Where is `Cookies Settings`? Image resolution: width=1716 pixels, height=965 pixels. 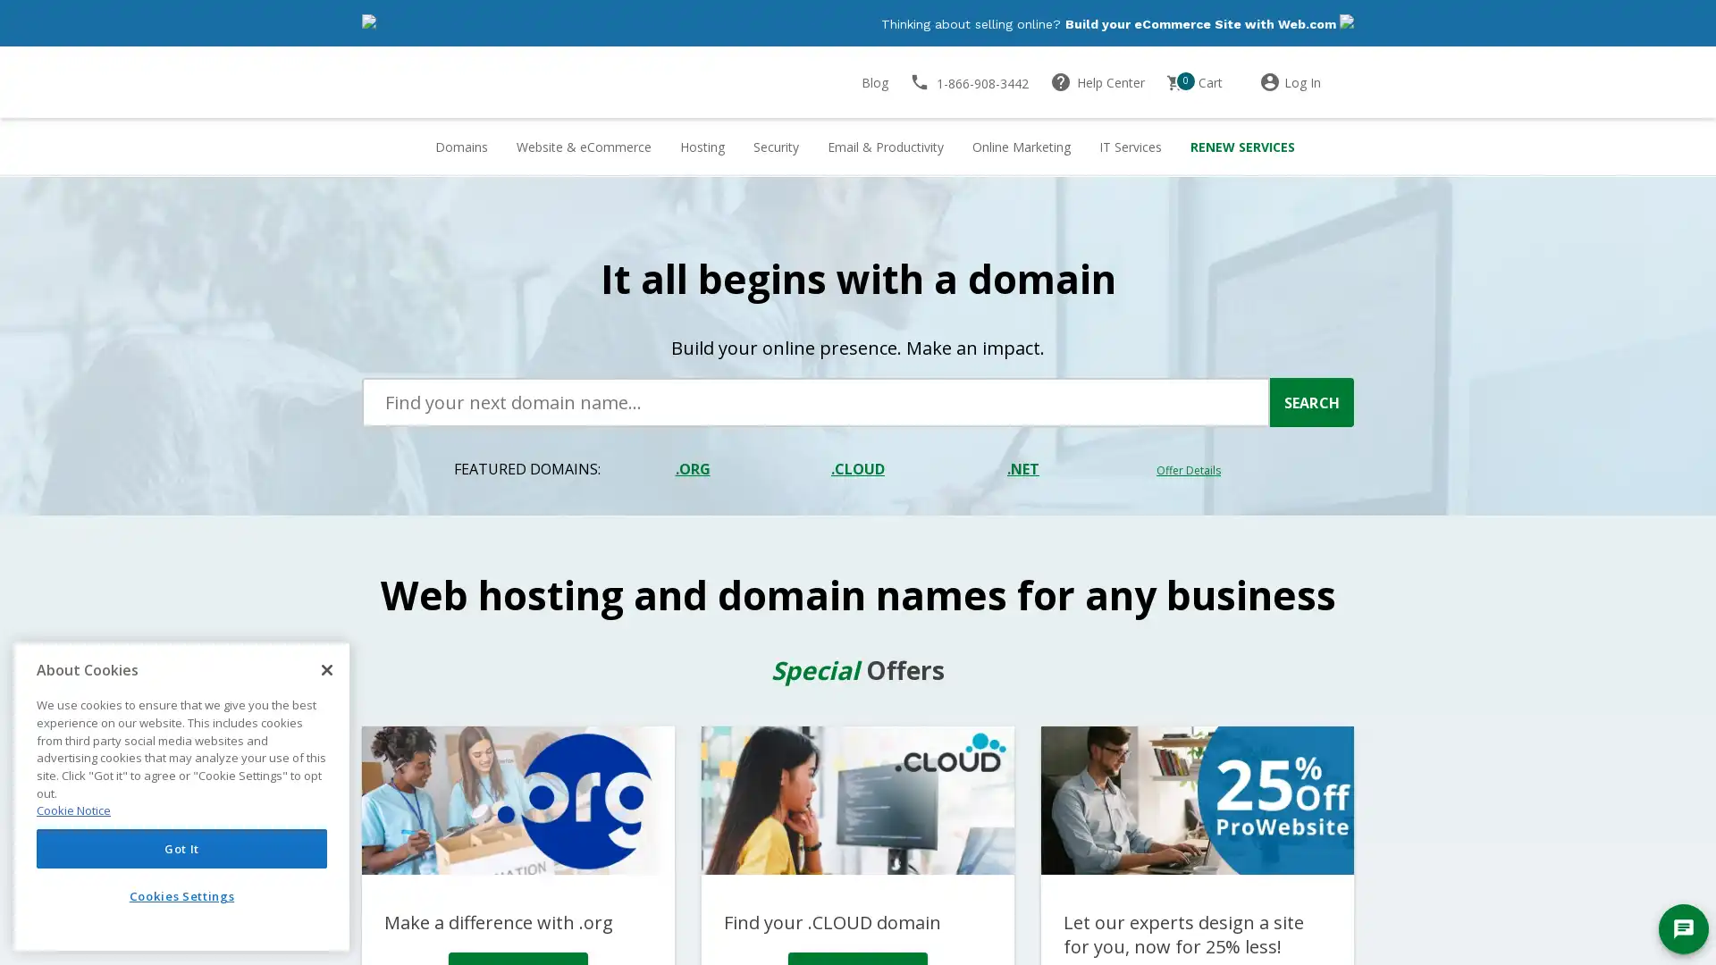 Cookies Settings is located at coordinates (181, 895).